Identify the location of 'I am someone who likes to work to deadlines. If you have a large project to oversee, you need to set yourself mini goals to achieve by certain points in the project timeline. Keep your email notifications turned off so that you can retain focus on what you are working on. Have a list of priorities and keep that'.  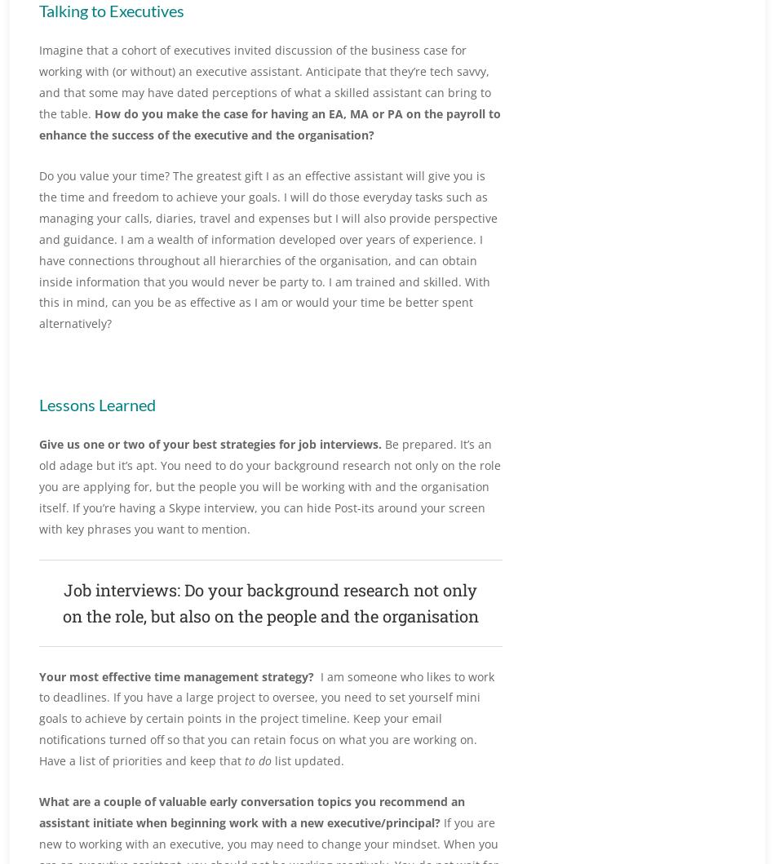
(265, 718).